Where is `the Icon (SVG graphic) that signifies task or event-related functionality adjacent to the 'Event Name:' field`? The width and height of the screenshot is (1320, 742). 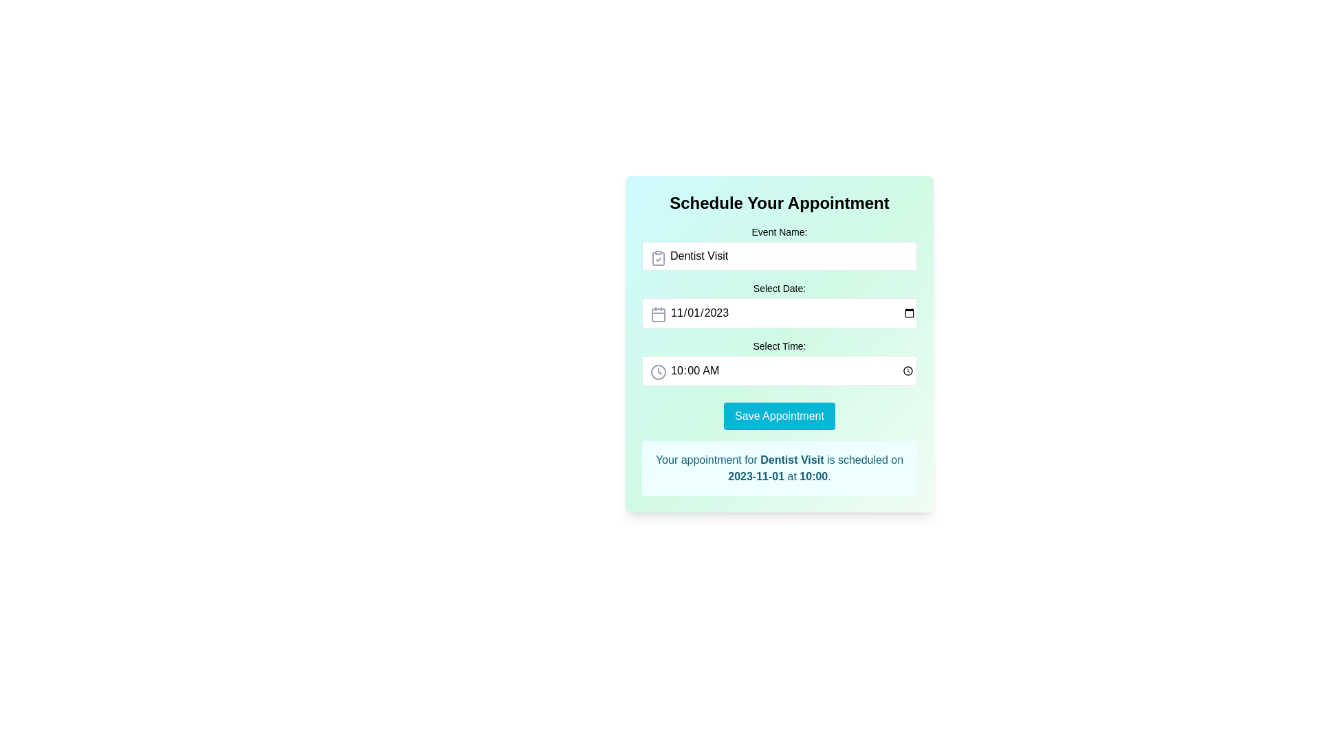 the Icon (SVG graphic) that signifies task or event-related functionality adjacent to the 'Event Name:' field is located at coordinates (658, 258).